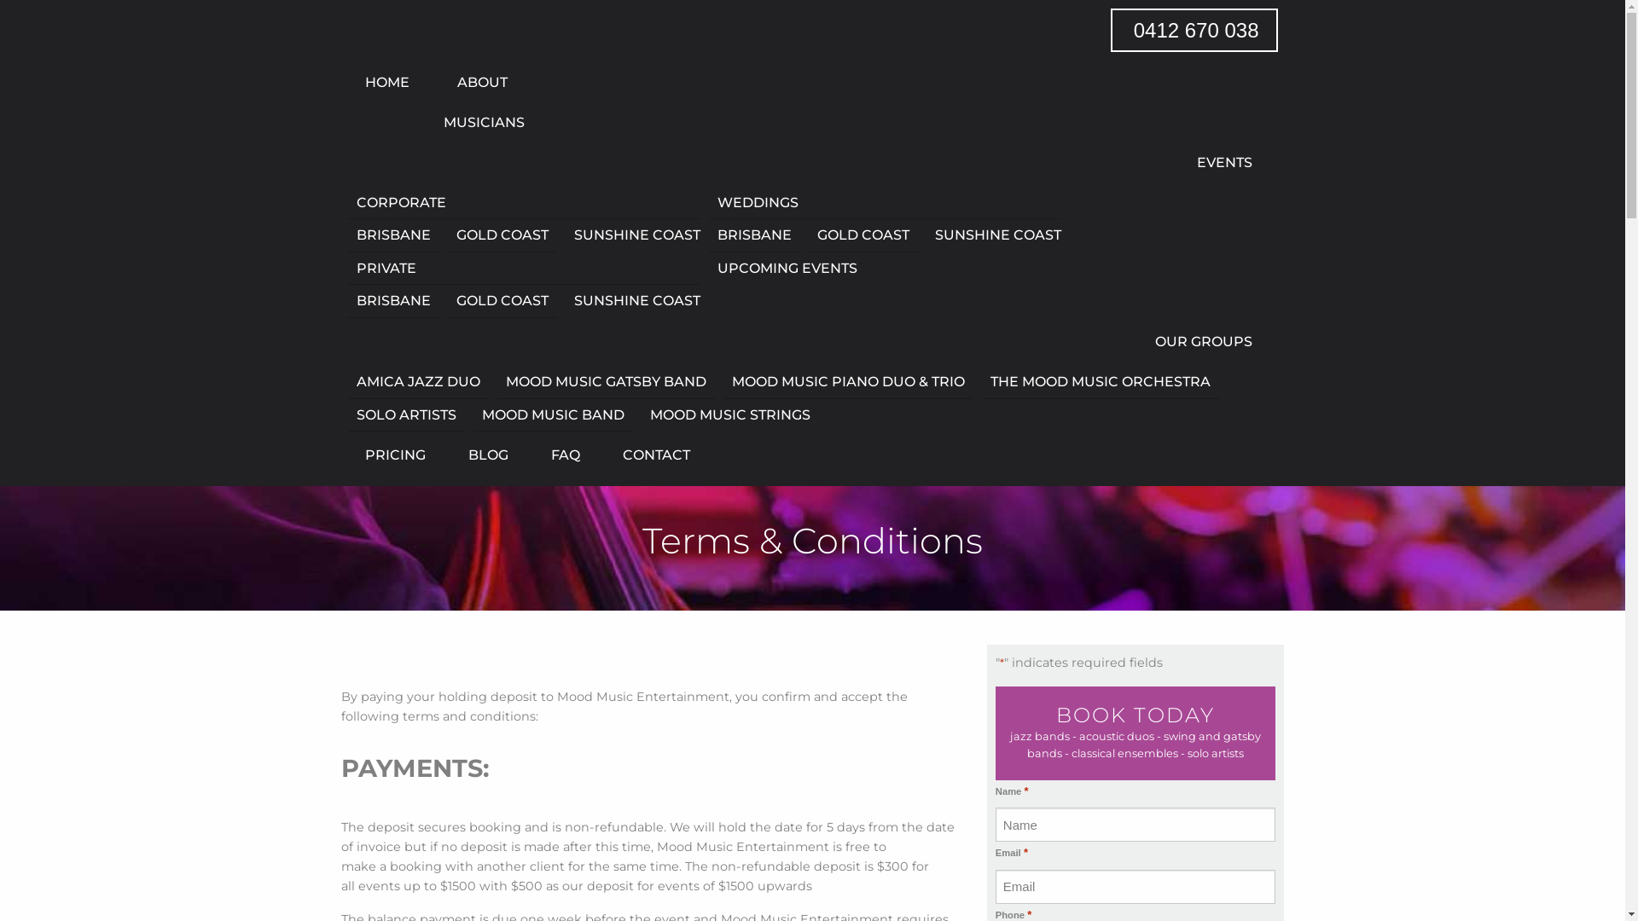 The height and width of the screenshot is (921, 1638). I want to click on '0412 670 038', so click(1194, 30).